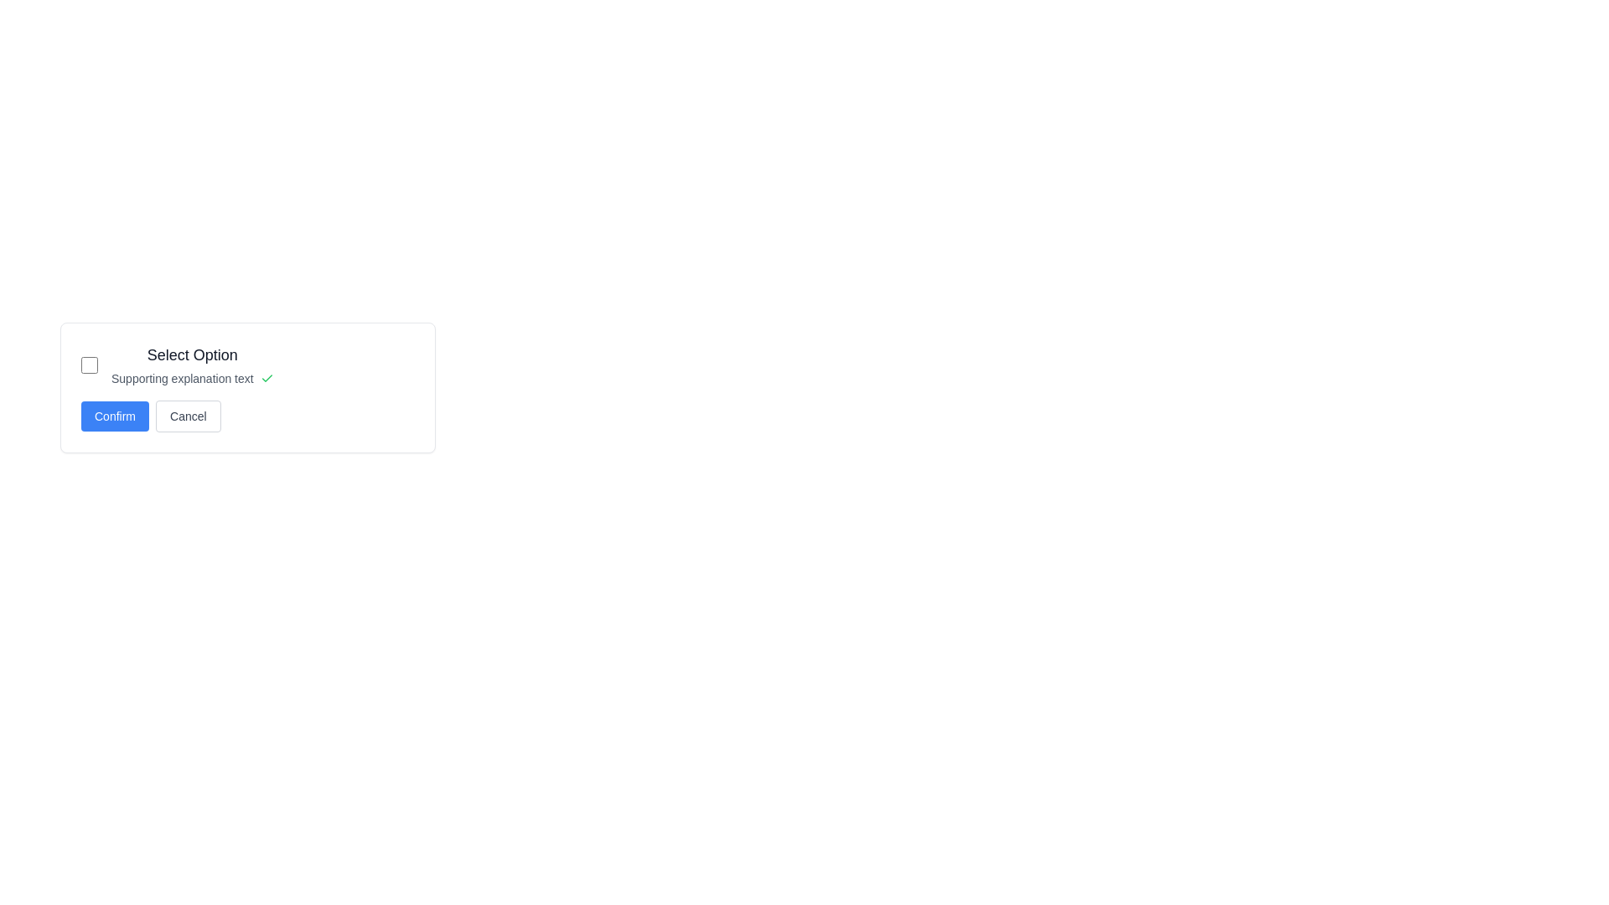 The image size is (1609, 905). I want to click on the supportive text element that provides information complementing the 'Select Option' checkbox above it, so click(182, 378).